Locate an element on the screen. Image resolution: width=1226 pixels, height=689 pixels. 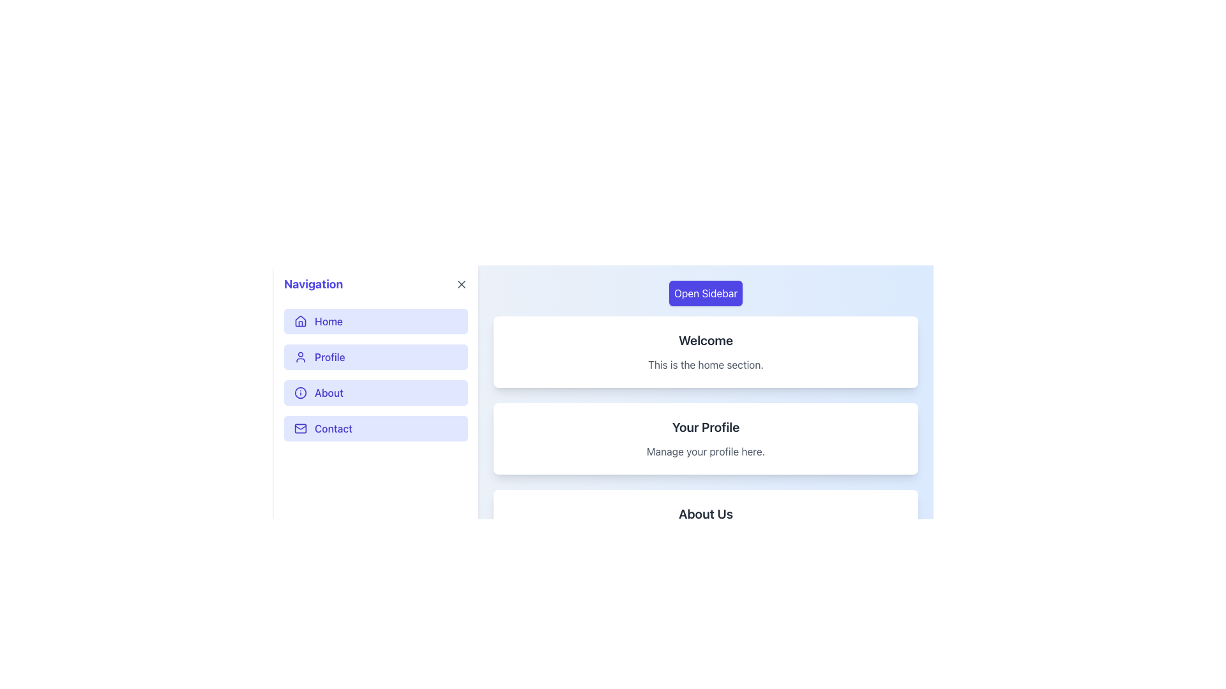
the 'Home' navigation button is located at coordinates (375, 321).